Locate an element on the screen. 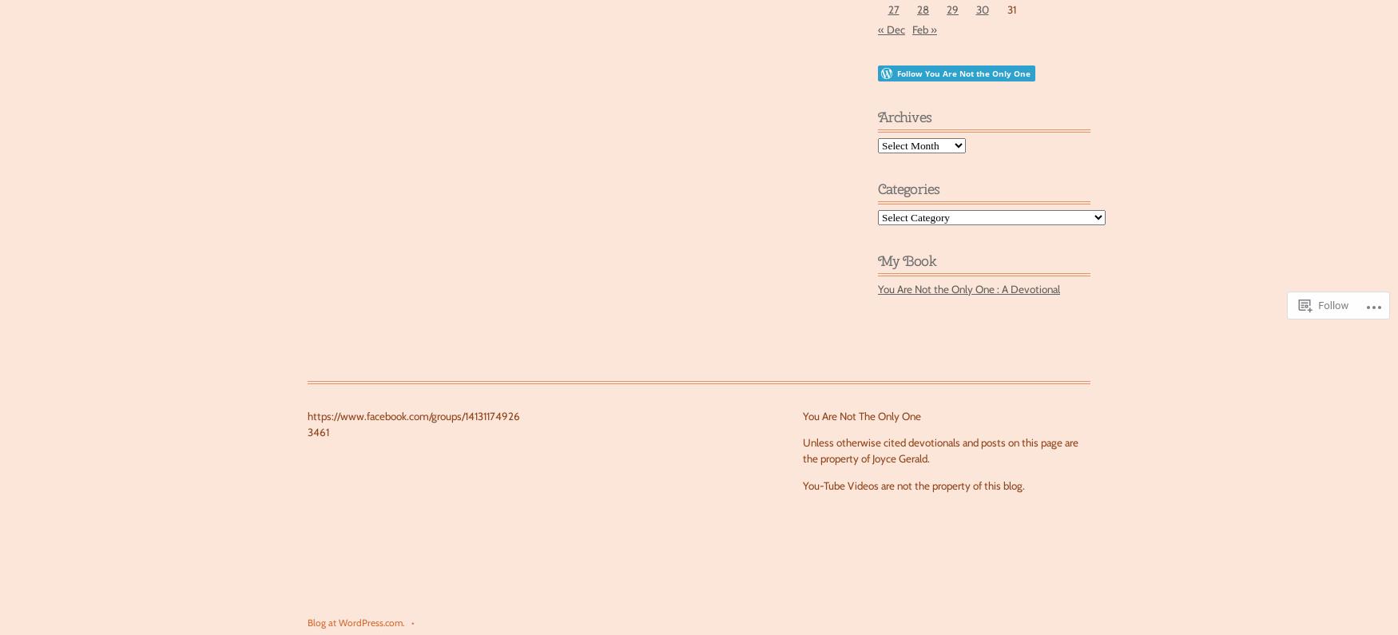  '29' is located at coordinates (952, 9).